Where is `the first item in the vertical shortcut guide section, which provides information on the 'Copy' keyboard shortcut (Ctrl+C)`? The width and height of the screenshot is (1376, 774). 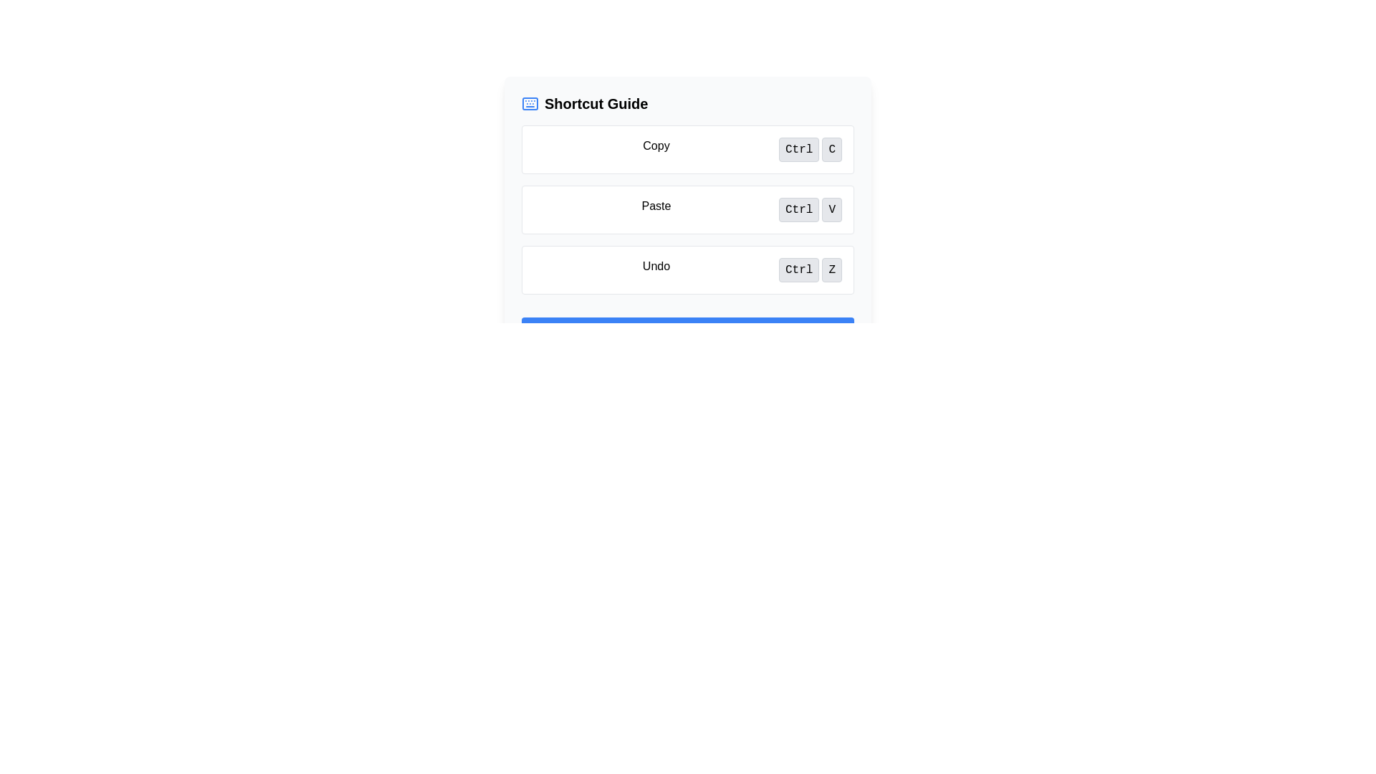
the first item in the vertical shortcut guide section, which provides information on the 'Copy' keyboard shortcut (Ctrl+C) is located at coordinates (688, 149).